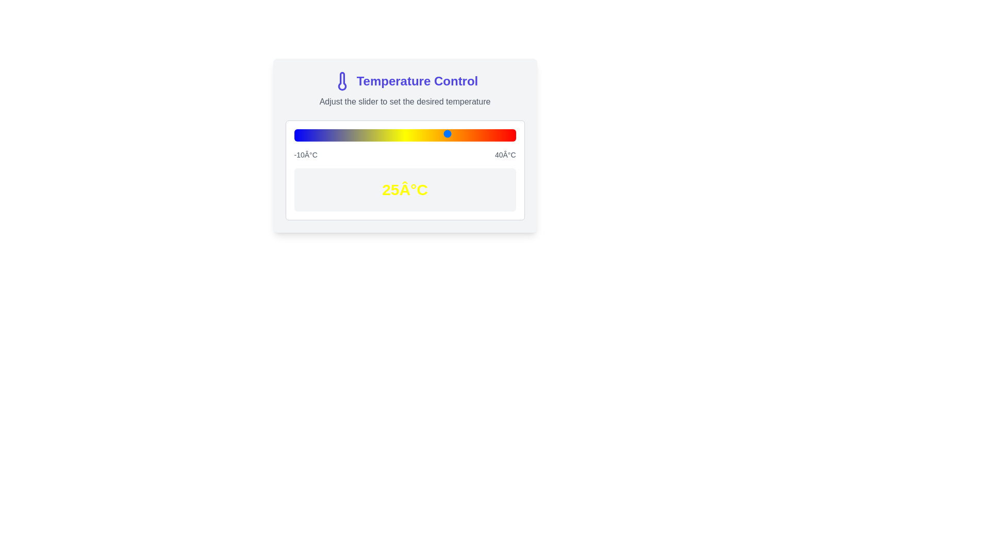  What do you see at coordinates (404, 133) in the screenshot?
I see `the slider to set the temperature to 15°C` at bounding box center [404, 133].